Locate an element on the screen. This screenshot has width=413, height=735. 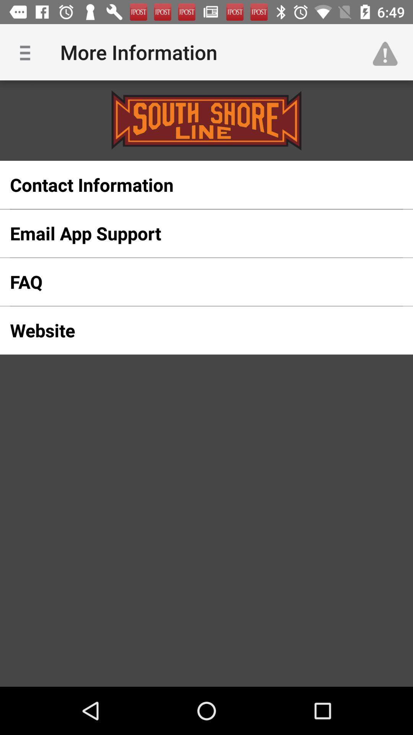
icon at the top left corner is located at coordinates (28, 52).